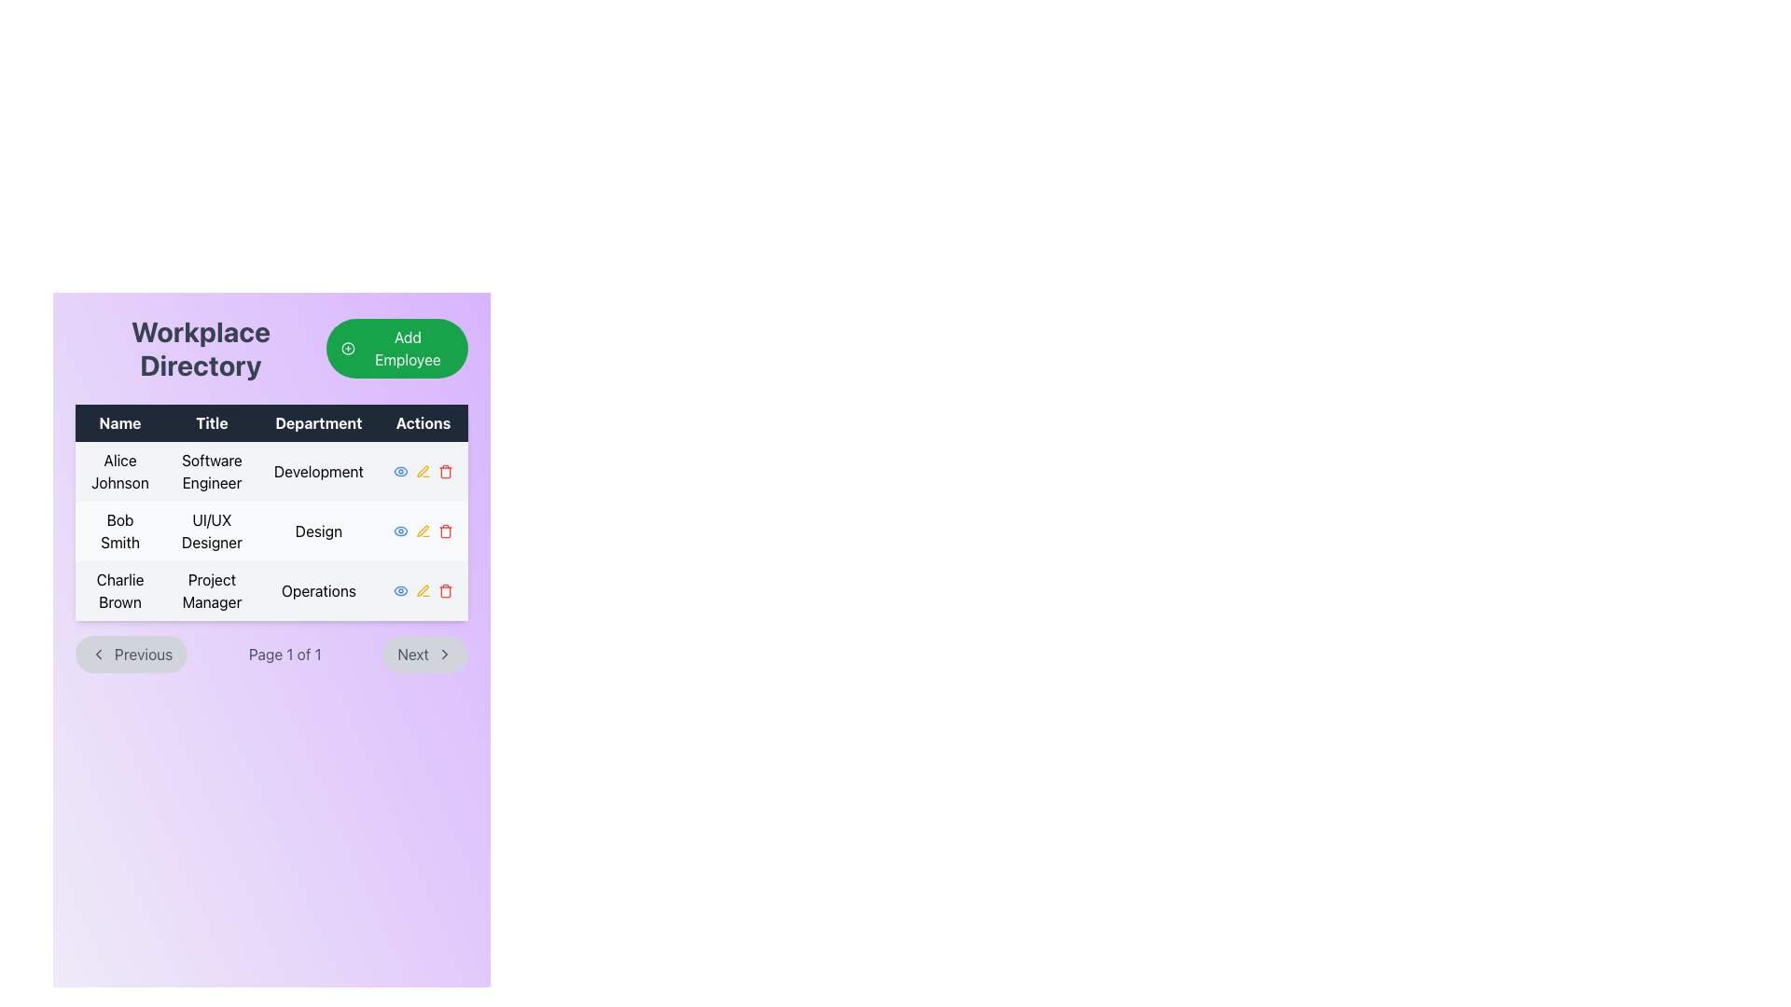 This screenshot has height=1007, width=1791. Describe the element at coordinates (422, 470) in the screenshot. I see `the edit button in the 'Actions' column of the second row of the table, located between the eye icon and the red trash icon` at that location.